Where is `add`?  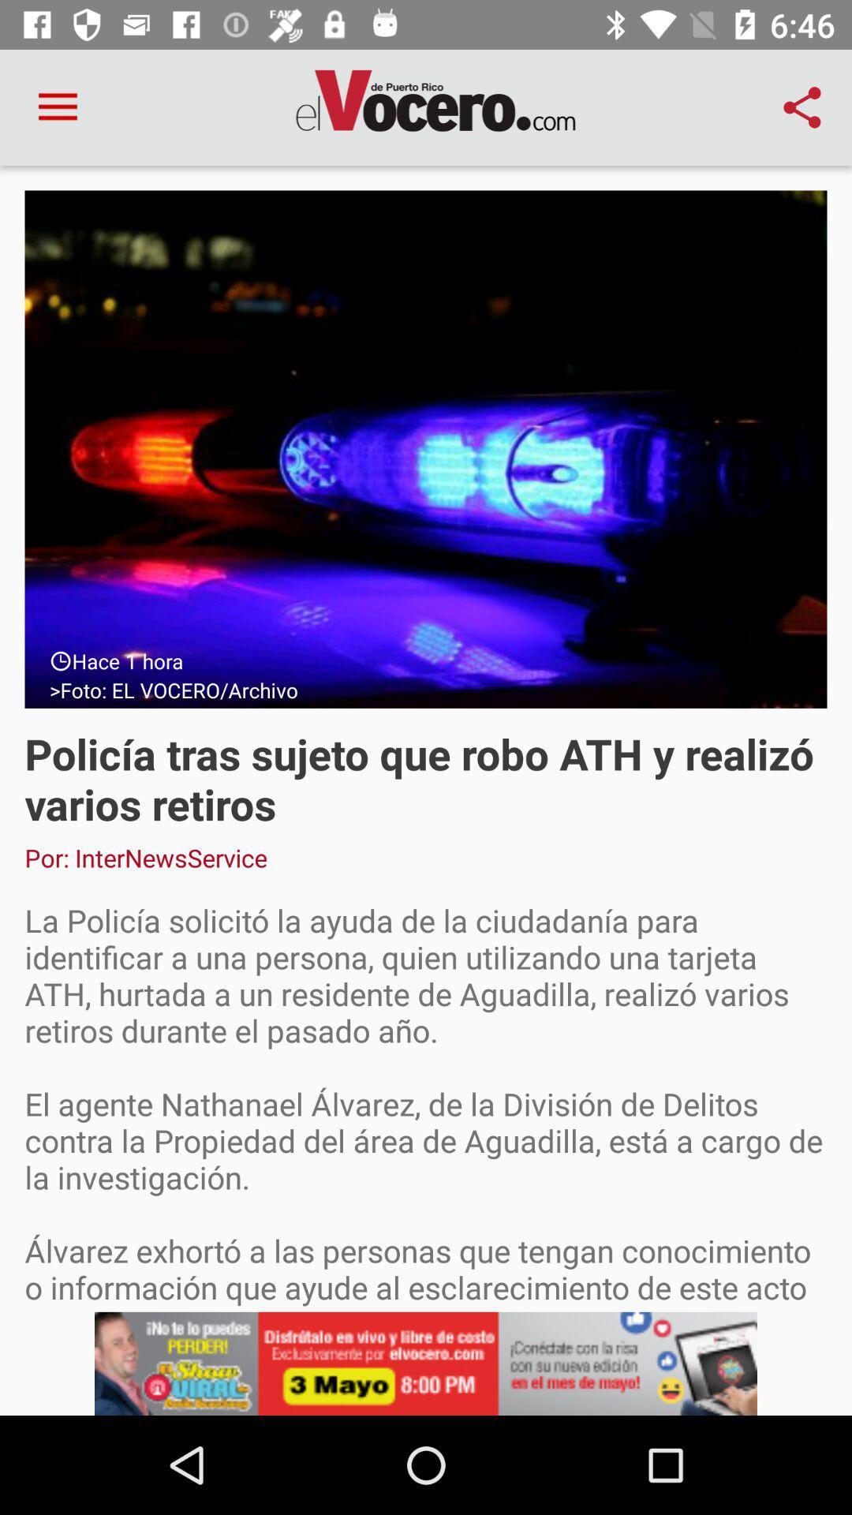 add is located at coordinates (426, 1363).